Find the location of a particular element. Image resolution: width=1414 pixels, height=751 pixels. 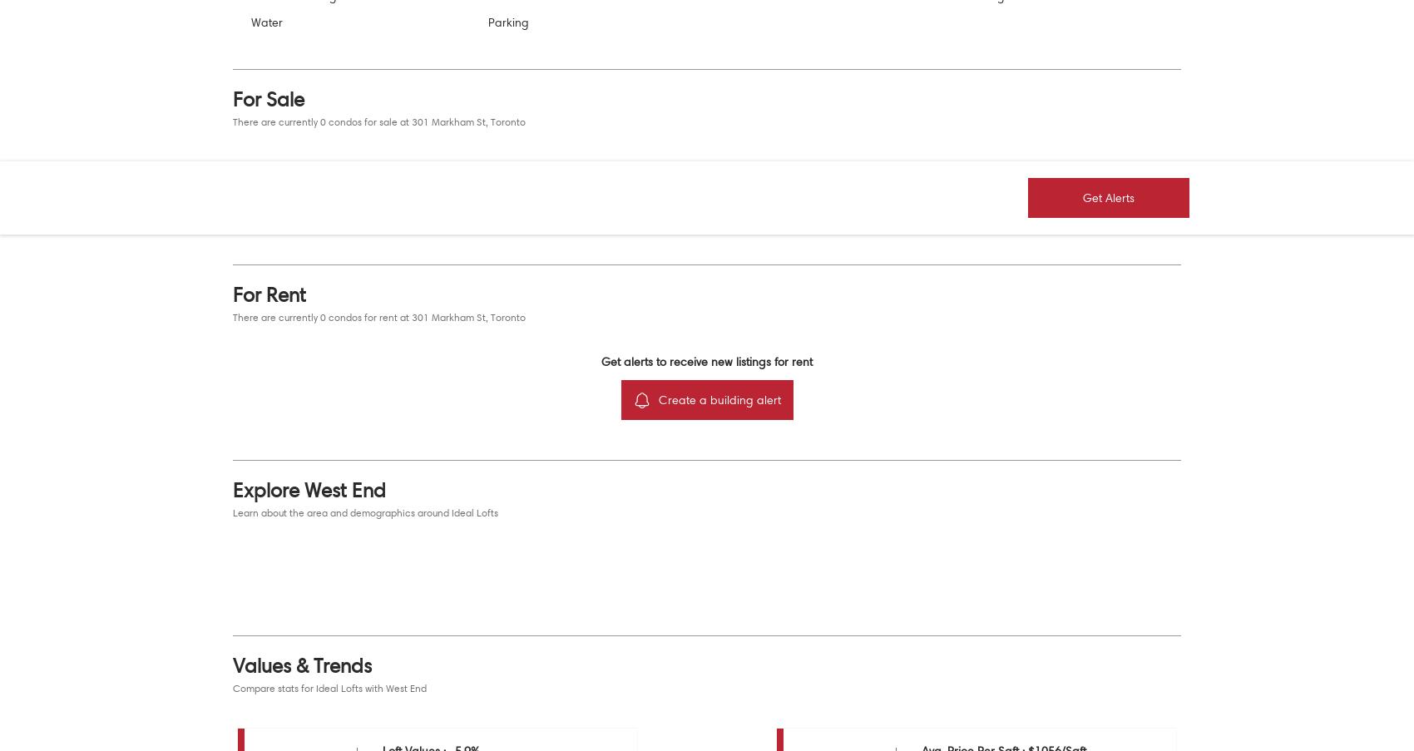

'rent' is located at coordinates (801, 360).